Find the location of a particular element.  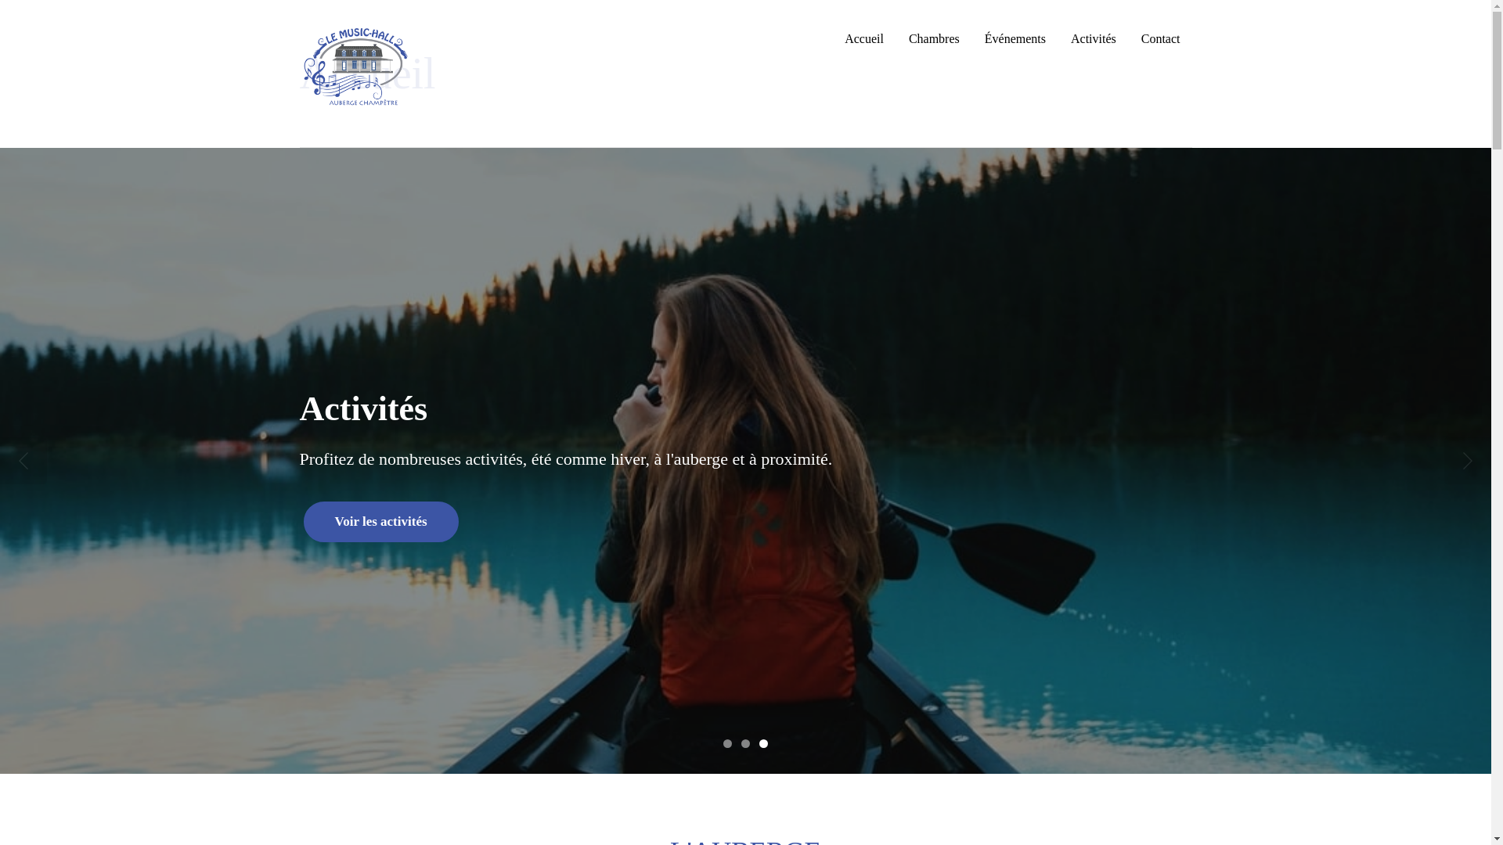

'Chambres' is located at coordinates (934, 38).